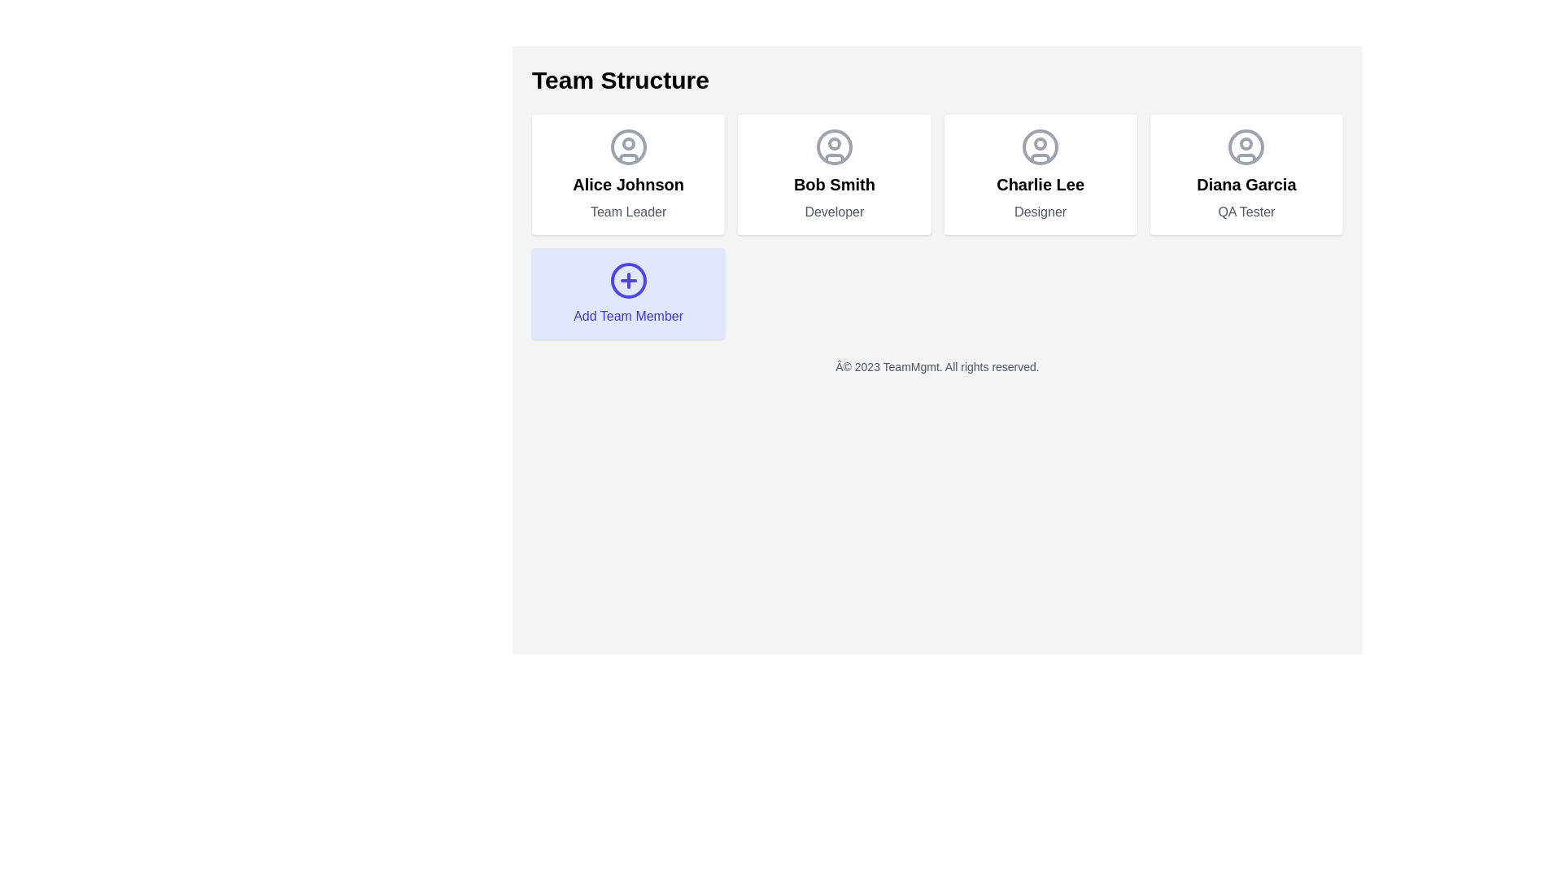 The height and width of the screenshot is (879, 1562). I want to click on the SVG Circle Element, which is a gray outlined circle within the user profile icon for 'Charlie Lee Designer' in the third card of the row of team members, so click(1040, 147).